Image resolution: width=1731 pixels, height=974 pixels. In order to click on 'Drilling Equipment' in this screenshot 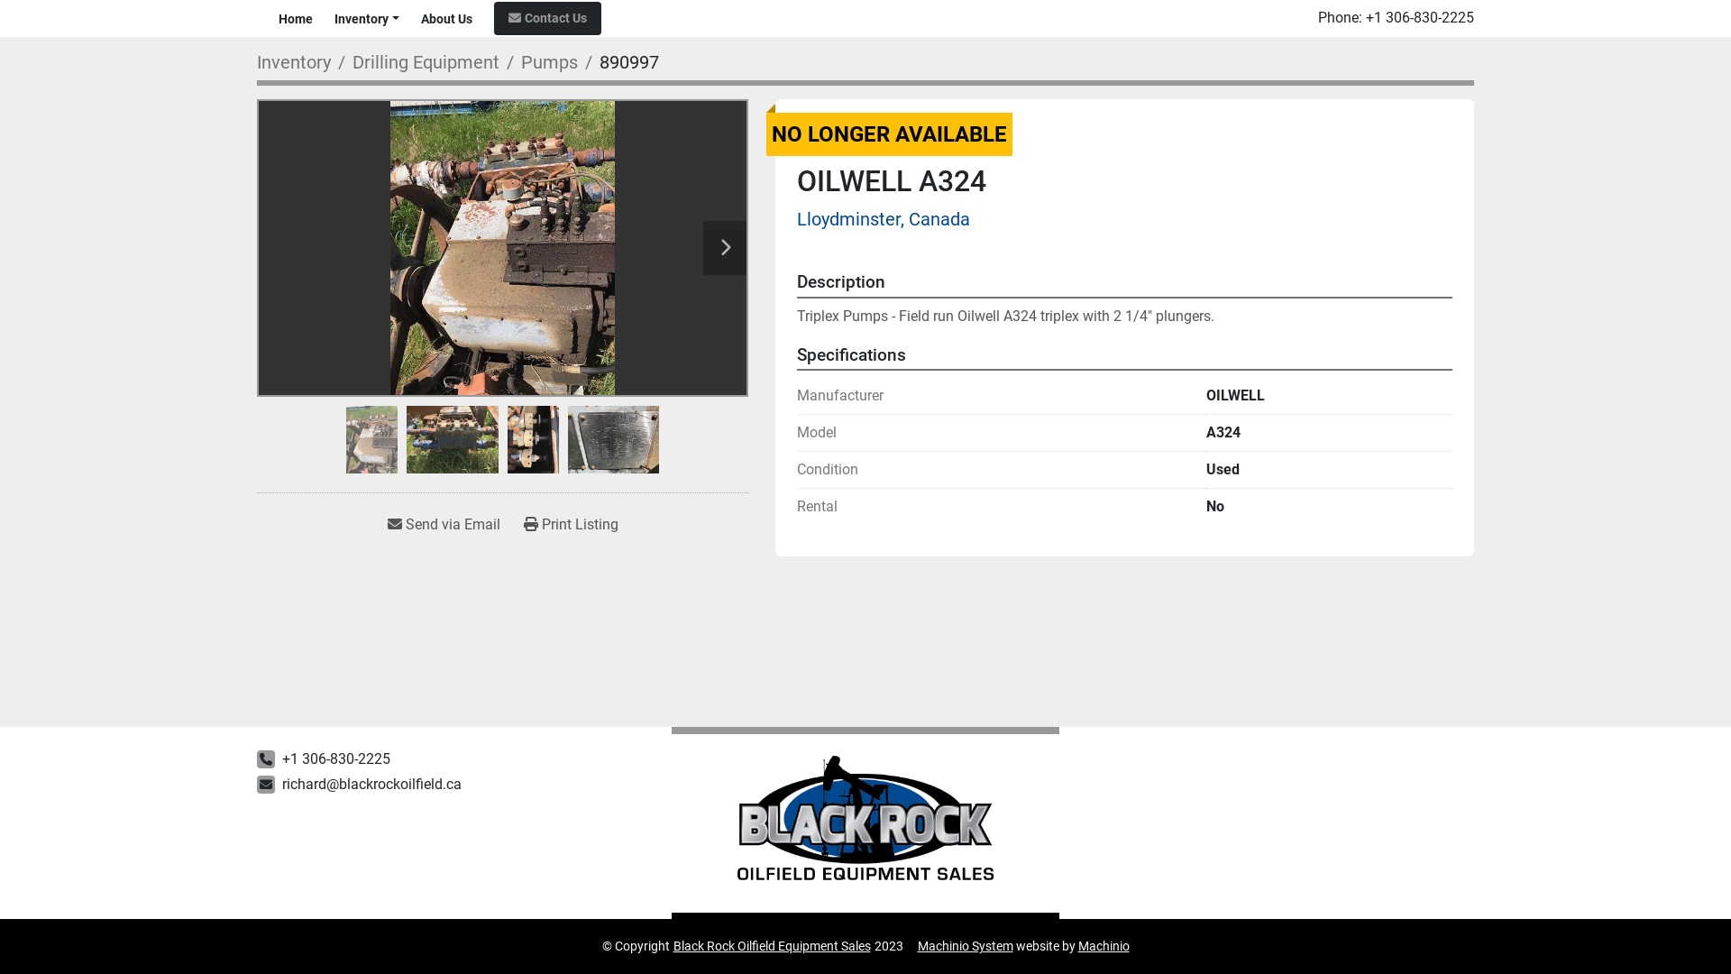, I will do `click(425, 61)`.